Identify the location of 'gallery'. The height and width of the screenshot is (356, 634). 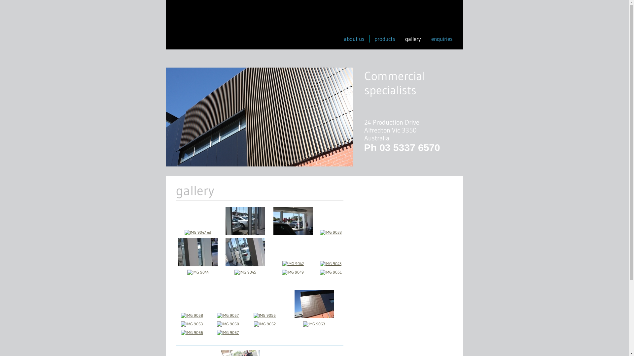
(412, 39).